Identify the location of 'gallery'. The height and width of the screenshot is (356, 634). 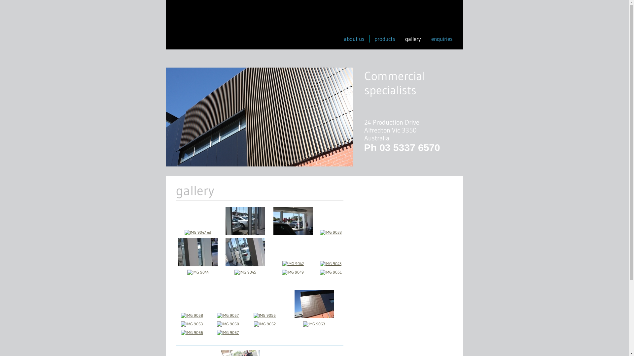
(412, 39).